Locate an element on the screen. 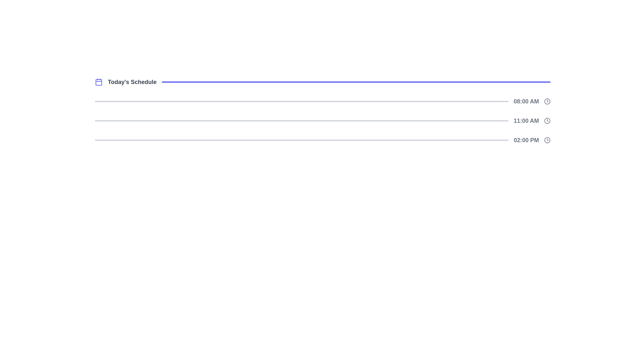  the SVG clock icon located at the far right of the '11:00 AM' time row is located at coordinates (547, 121).